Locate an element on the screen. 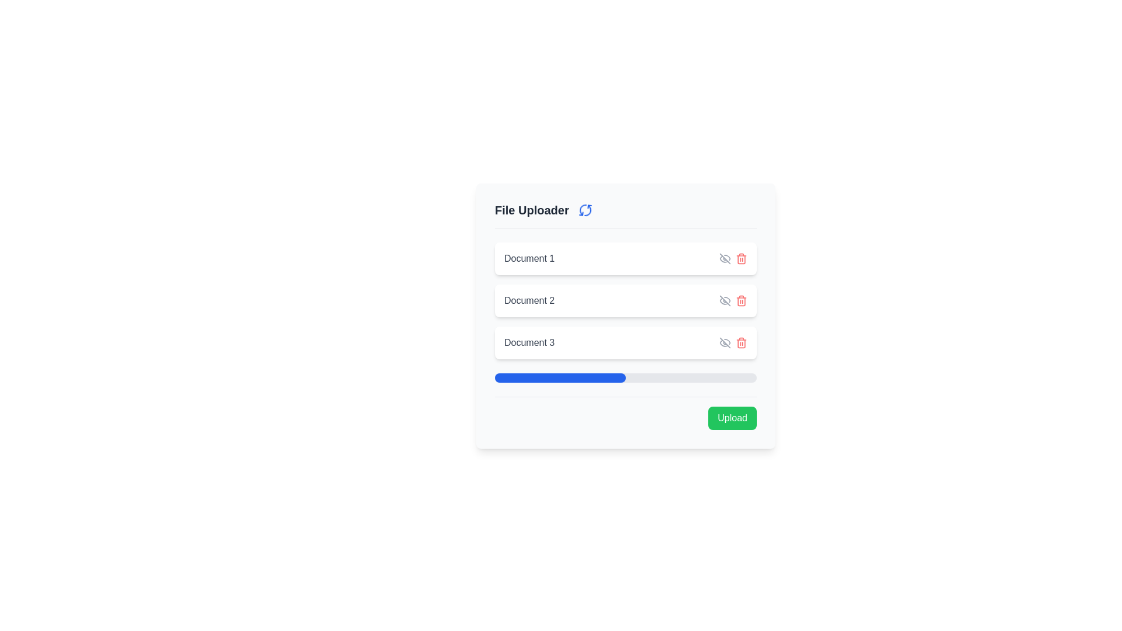  the eye icon button used to toggle the visibility of 'Document 1' to change its icon color is located at coordinates (725, 342).